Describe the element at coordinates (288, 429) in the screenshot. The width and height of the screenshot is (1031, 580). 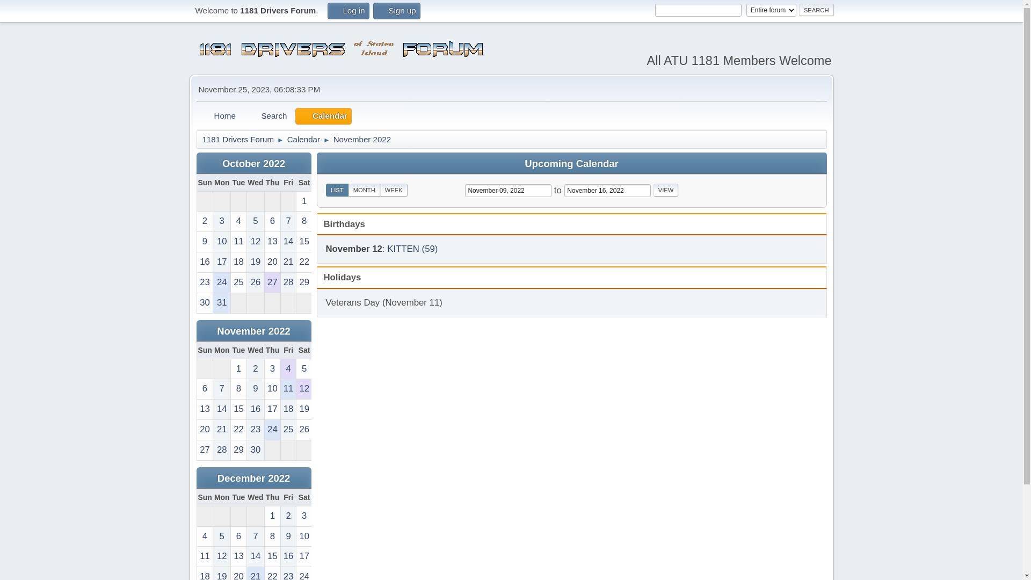
I see `'25'` at that location.